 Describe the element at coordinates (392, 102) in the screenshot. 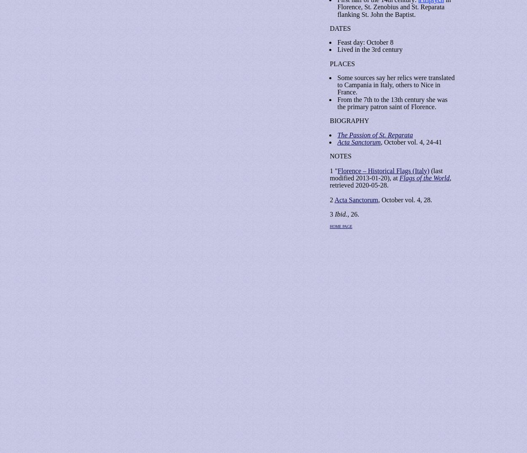

I see `'From the 7th to the 13th century she was the primary patron saint of Florence.'` at that location.